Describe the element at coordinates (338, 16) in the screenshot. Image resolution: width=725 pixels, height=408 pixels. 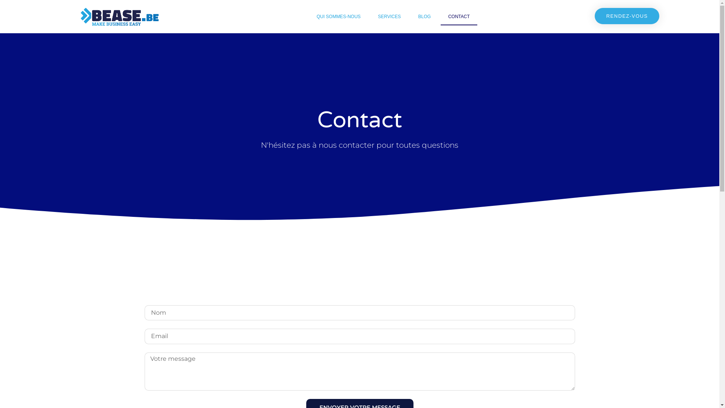
I see `'QUI SOMMES-NOUS'` at that location.